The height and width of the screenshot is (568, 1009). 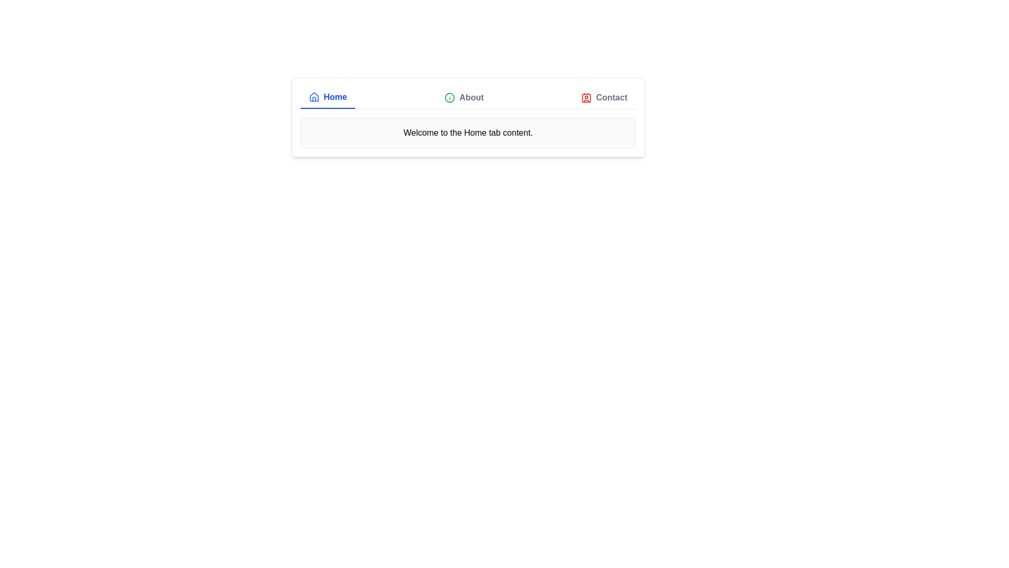 I want to click on the 'Contact' icon located at the left side of the 'Contact' text in the top-right navigation menu of the main interface, so click(x=586, y=97).